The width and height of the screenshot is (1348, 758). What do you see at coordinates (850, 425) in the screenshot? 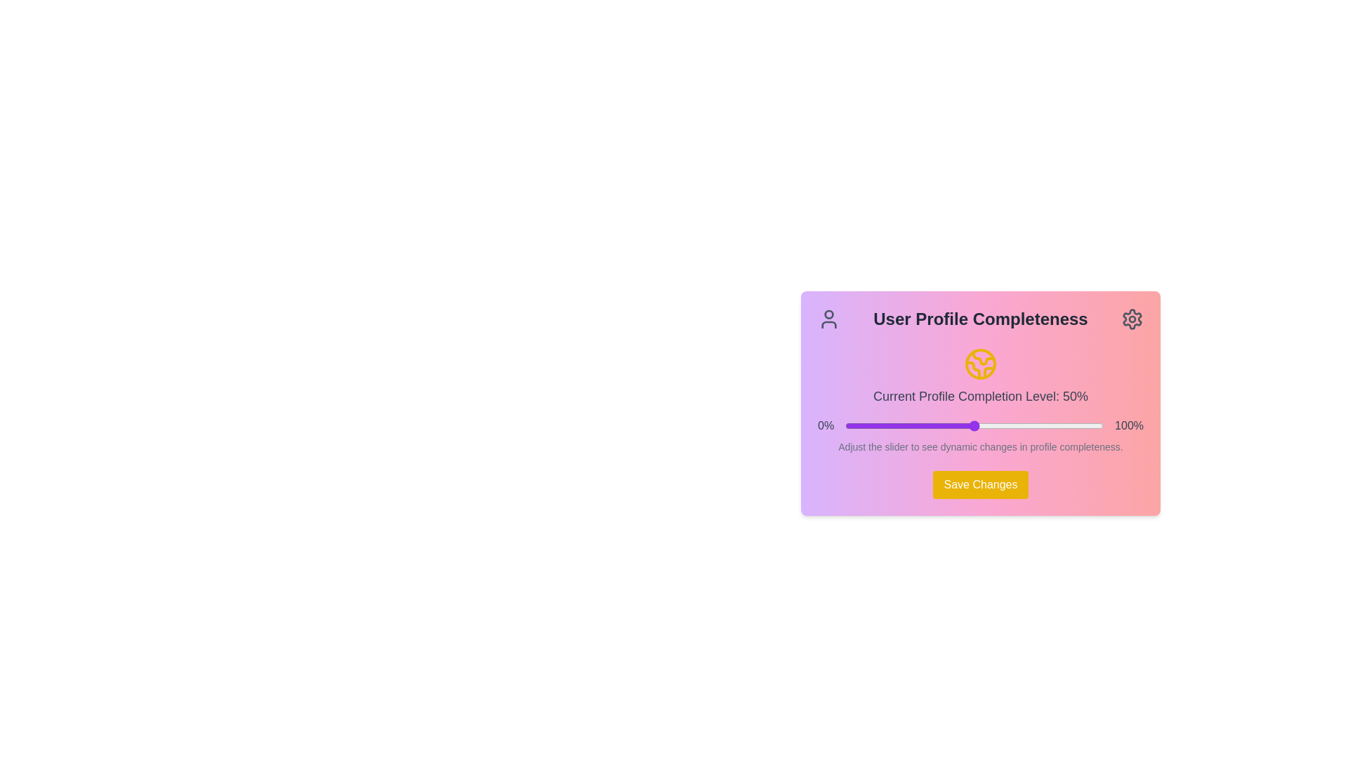
I see `the profile completion percentage` at bounding box center [850, 425].